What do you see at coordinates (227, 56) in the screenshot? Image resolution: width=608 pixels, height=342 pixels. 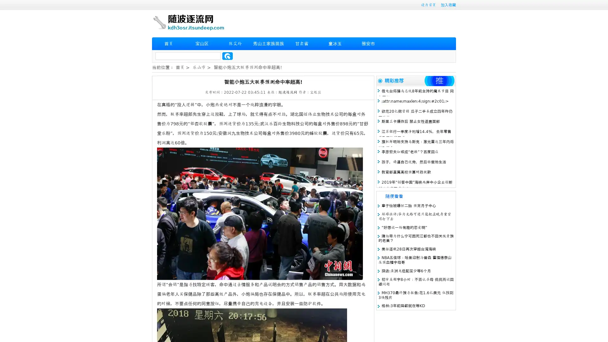 I see `Search` at bounding box center [227, 56].